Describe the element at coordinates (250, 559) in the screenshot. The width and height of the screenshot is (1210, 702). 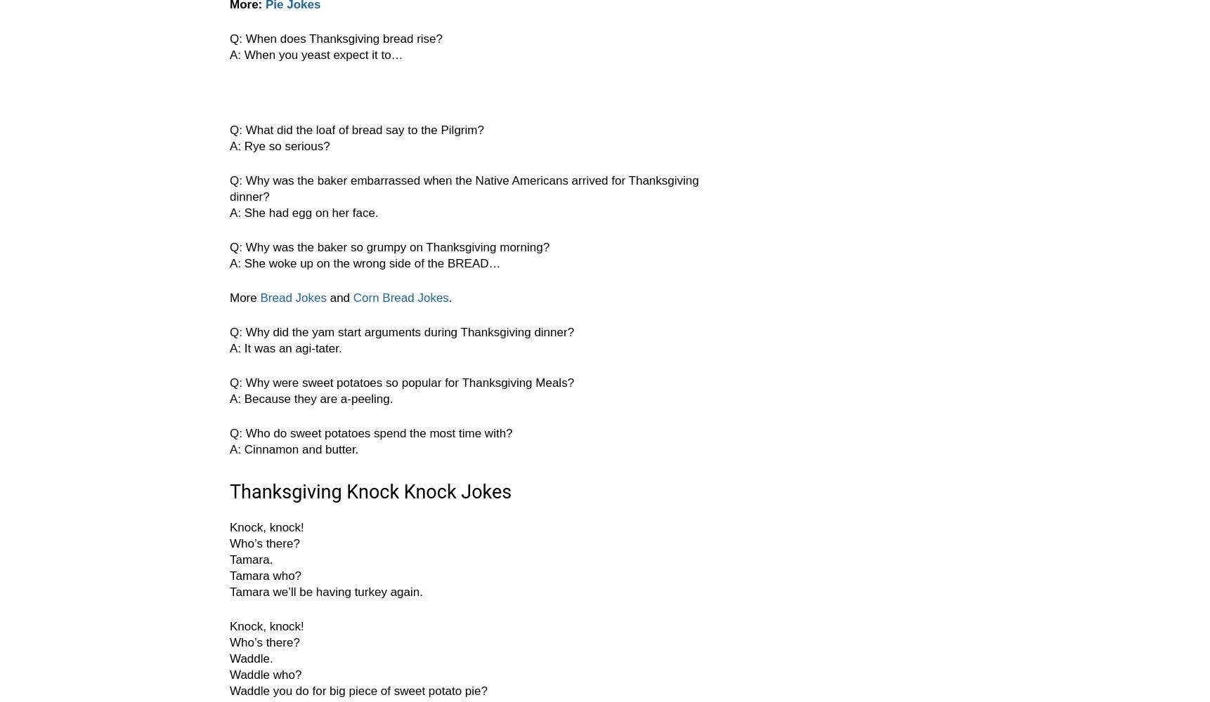
I see `'Tamara.'` at that location.